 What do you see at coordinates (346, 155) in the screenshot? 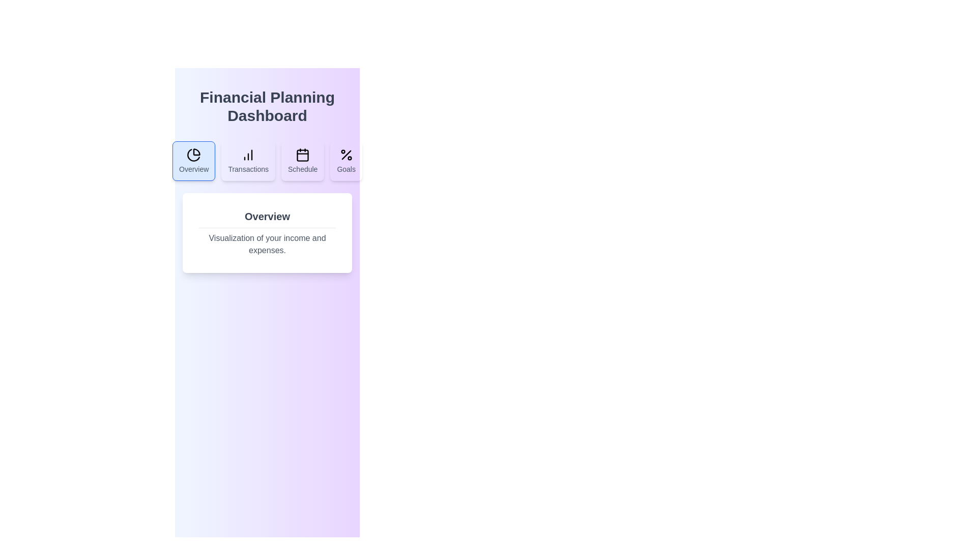
I see `the goals or percentages icon located in the fourth position of the navigation section at the top of the interface` at bounding box center [346, 155].